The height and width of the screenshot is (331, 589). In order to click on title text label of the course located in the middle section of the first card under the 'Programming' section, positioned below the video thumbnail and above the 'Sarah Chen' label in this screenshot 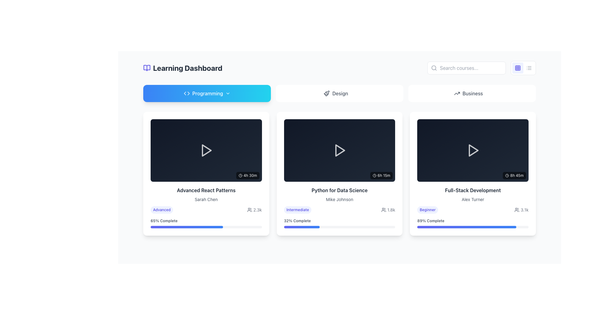, I will do `click(206, 190)`.